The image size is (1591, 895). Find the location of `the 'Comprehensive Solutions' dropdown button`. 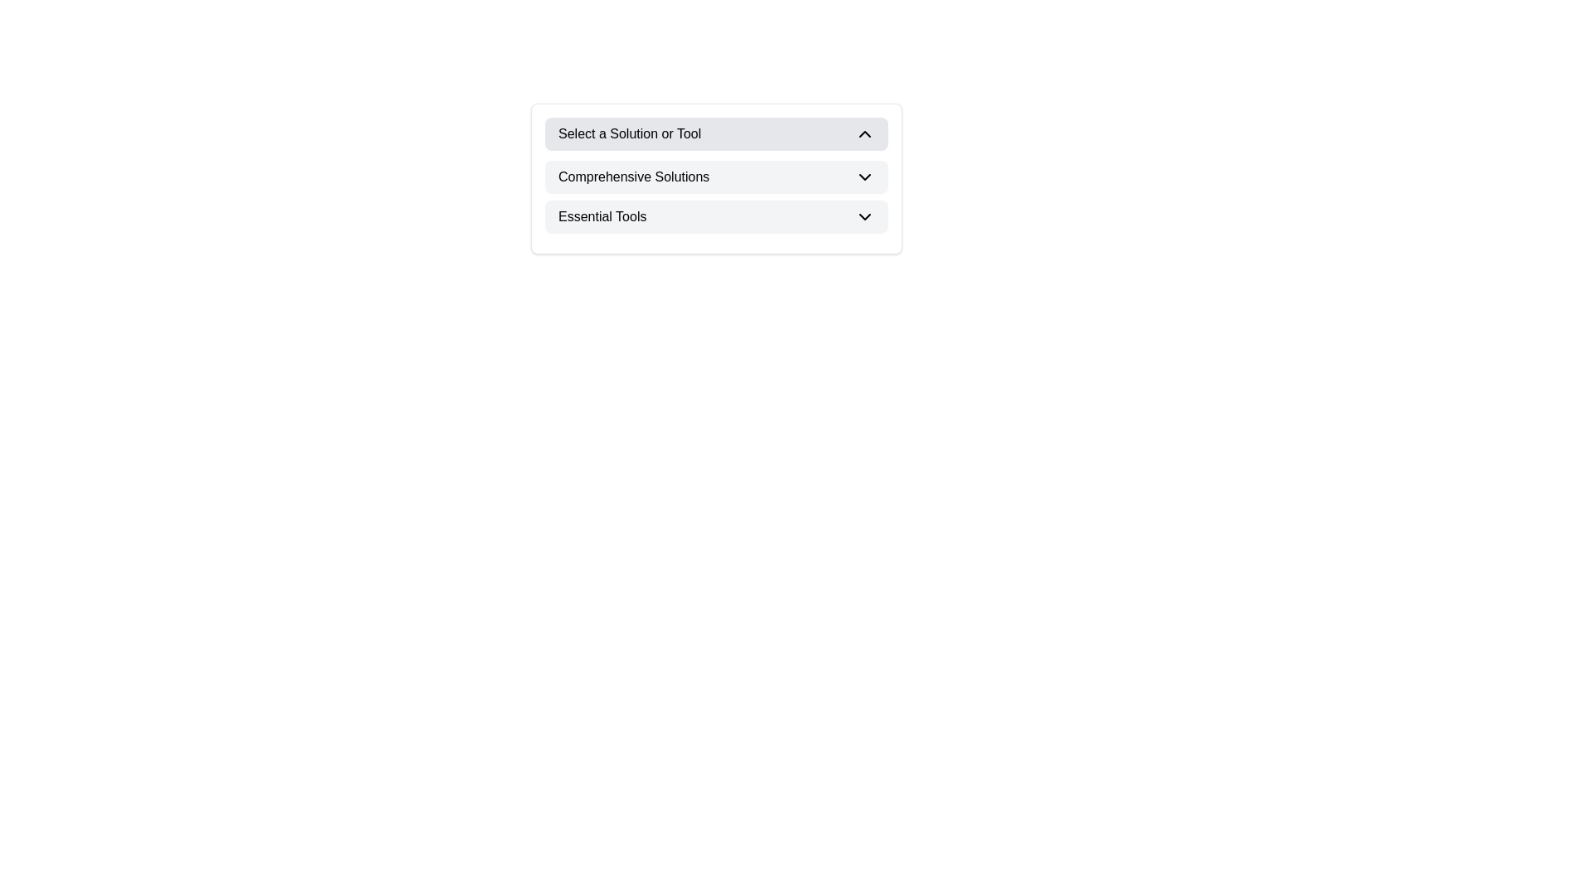

the 'Comprehensive Solutions' dropdown button is located at coordinates (716, 196).